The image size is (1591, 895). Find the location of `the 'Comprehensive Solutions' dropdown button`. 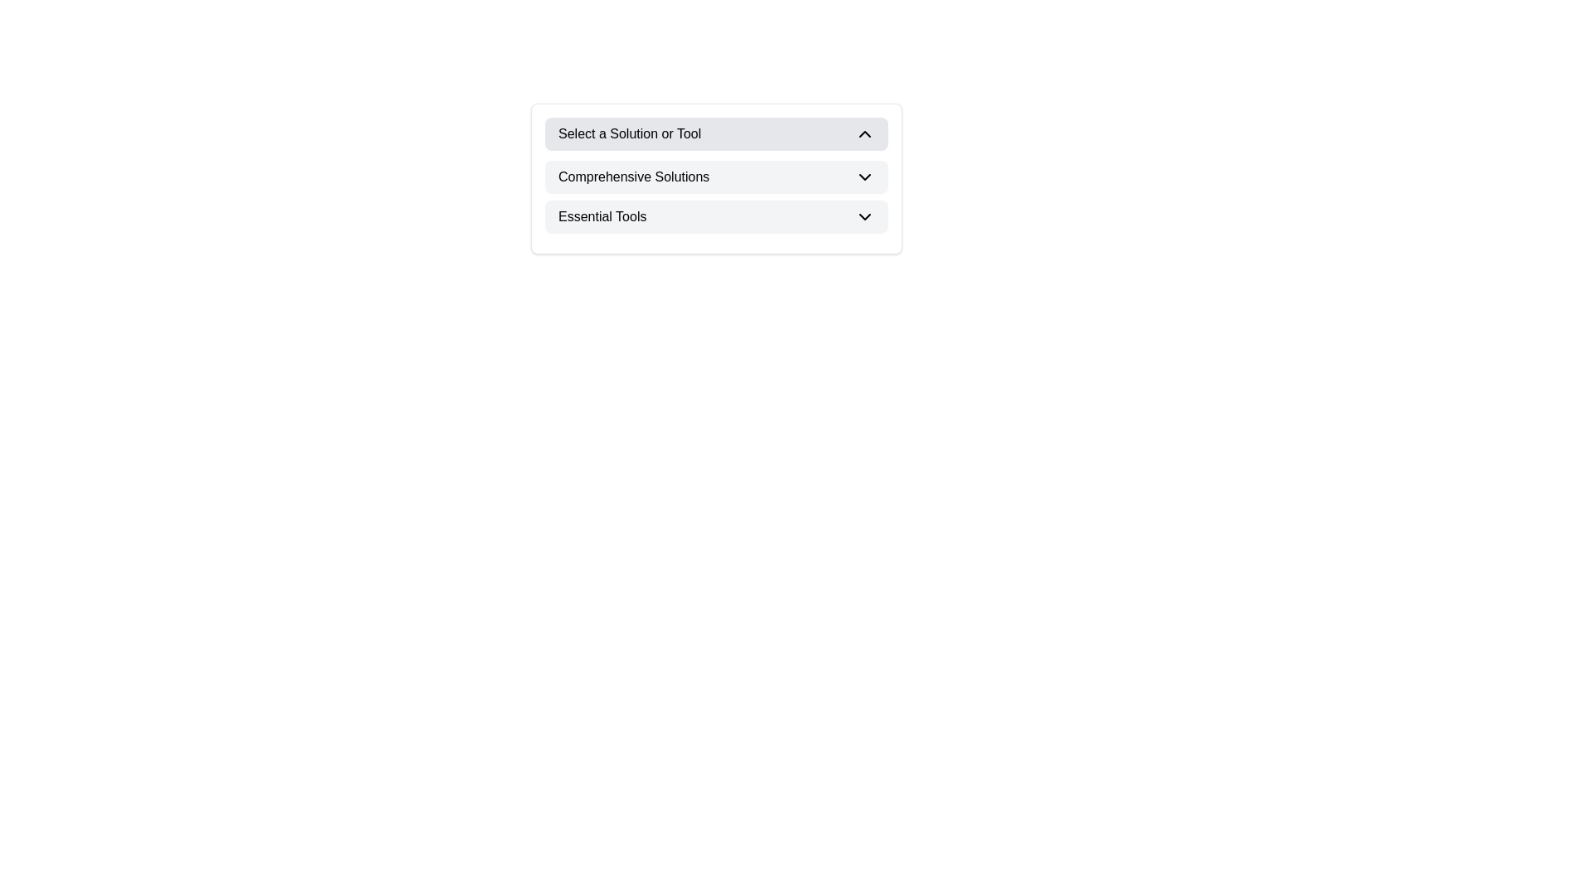

the 'Comprehensive Solutions' dropdown button is located at coordinates (716, 196).